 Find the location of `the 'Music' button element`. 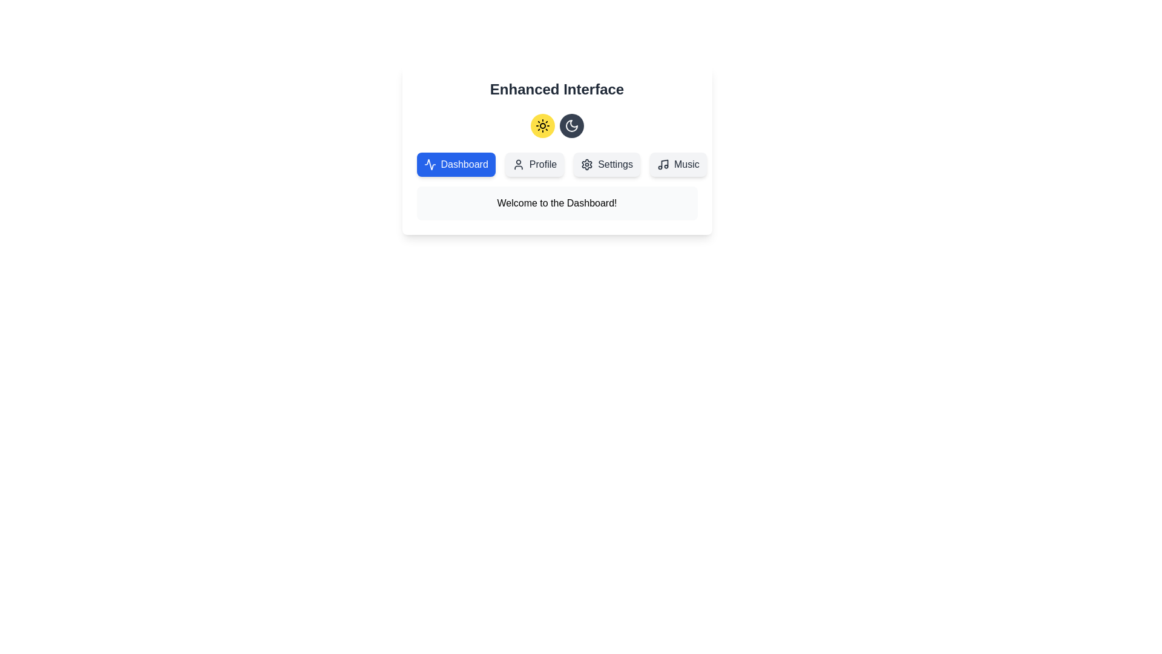

the 'Music' button element is located at coordinates (678, 165).